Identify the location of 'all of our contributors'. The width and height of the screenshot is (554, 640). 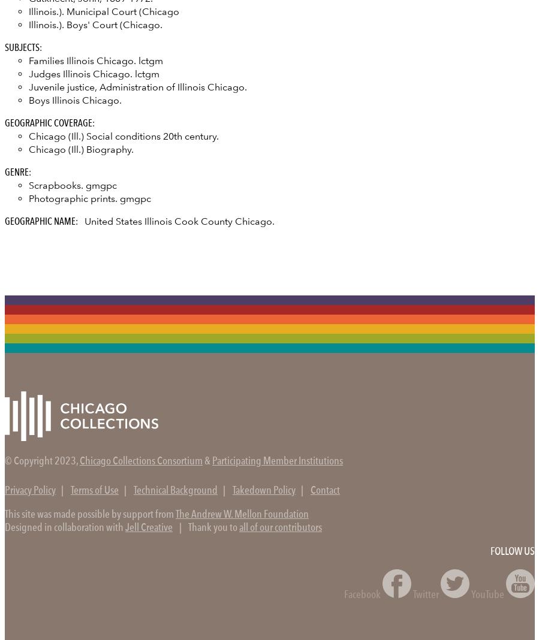
(280, 527).